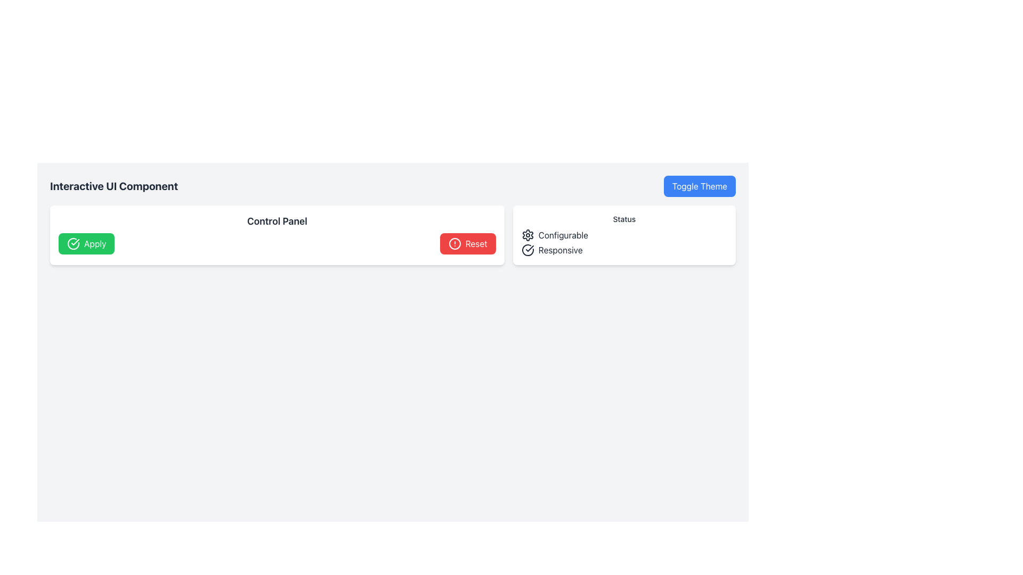 The height and width of the screenshot is (575, 1023). What do you see at coordinates (468, 244) in the screenshot?
I see `the red 'Reset' button with rounded corners, which features white text and an alert icon, located on the right side of the 'Control Panel' bar` at bounding box center [468, 244].